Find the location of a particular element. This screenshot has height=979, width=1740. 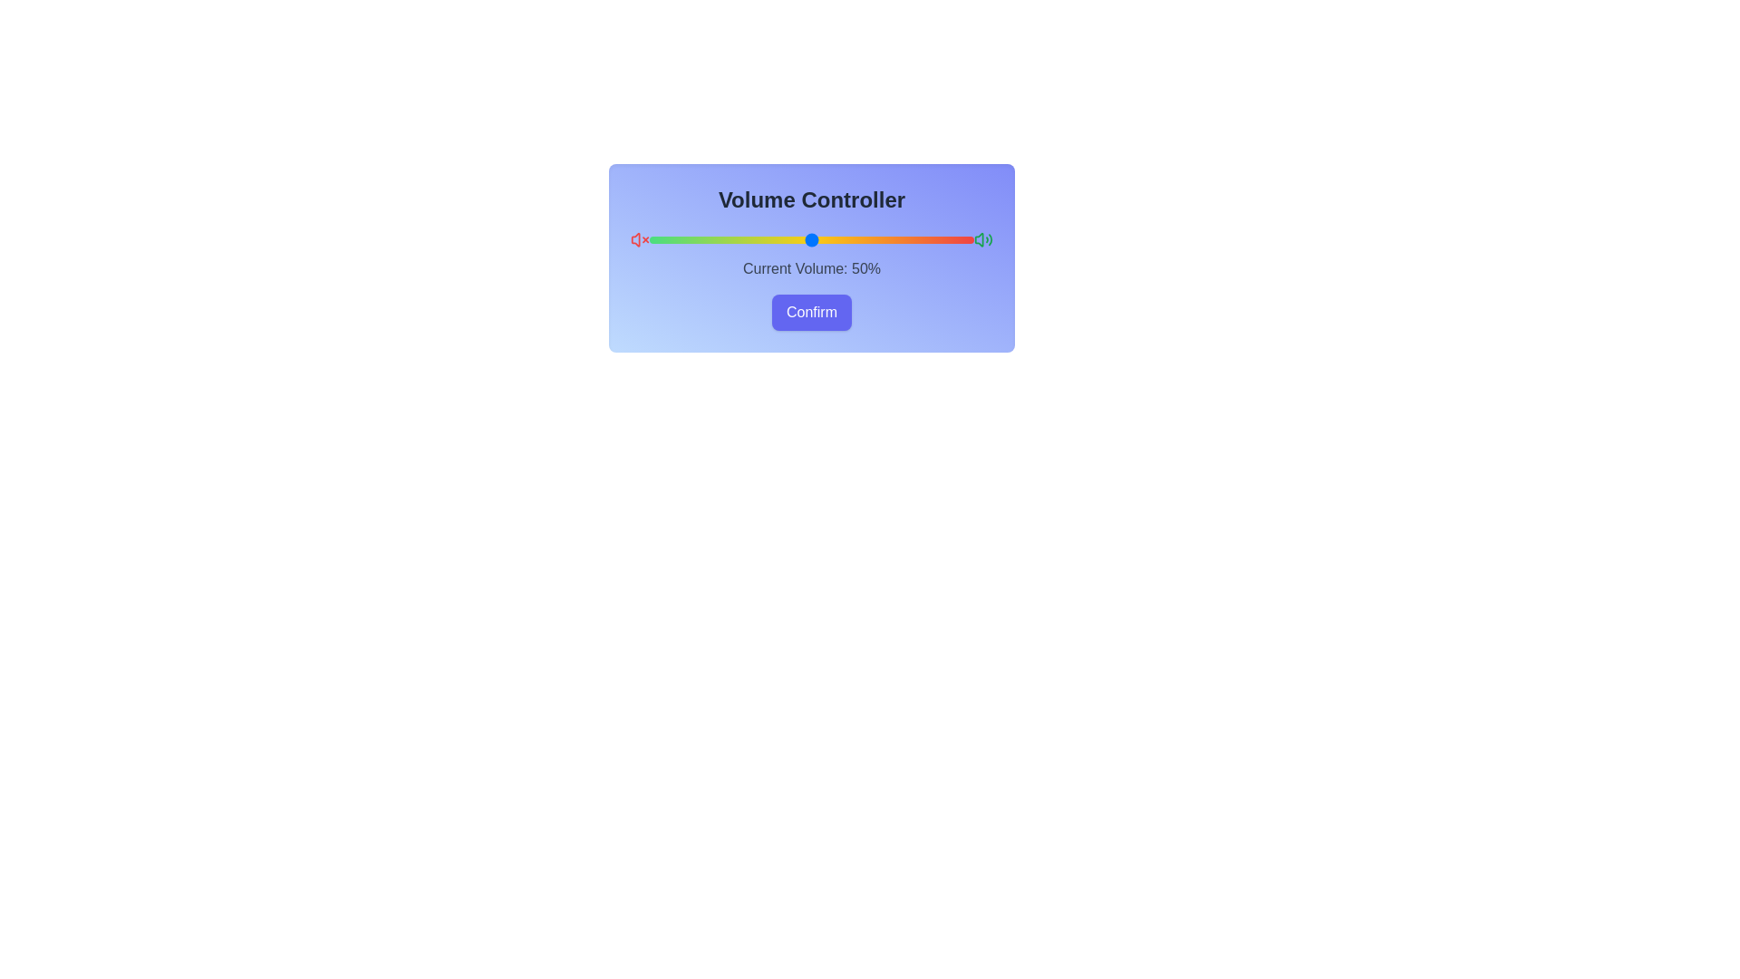

the volume slider to set the volume to 3% is located at coordinates (659, 239).